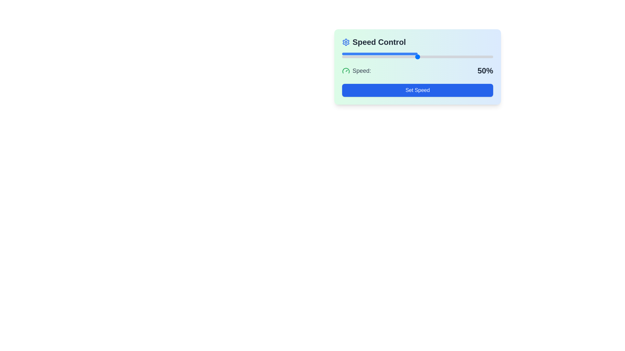 This screenshot has width=625, height=351. I want to click on the blue settings gear icon located immediately to the left of the 'Speed Control' title text, so click(345, 42).